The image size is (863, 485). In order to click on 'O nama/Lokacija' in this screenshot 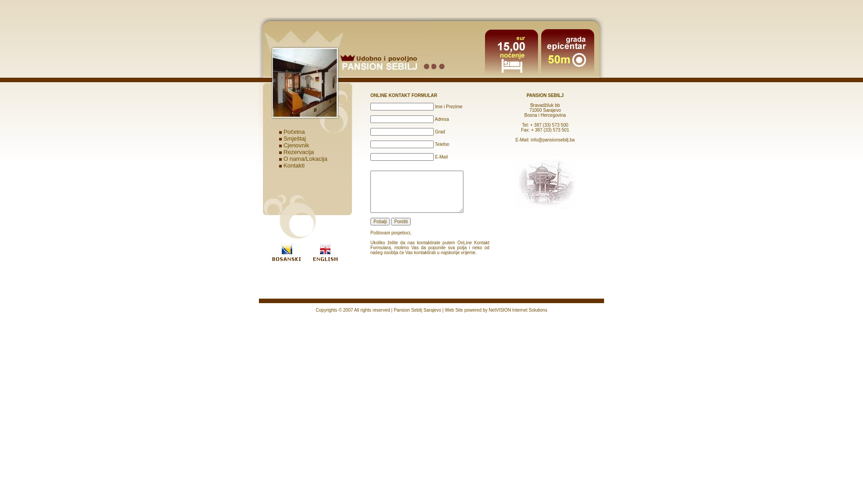, I will do `click(306, 158)`.